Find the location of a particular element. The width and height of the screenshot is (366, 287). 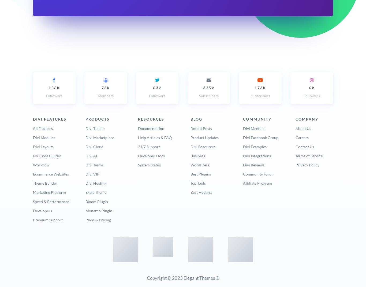

'Get Divi Today' is located at coordinates (126, 220).